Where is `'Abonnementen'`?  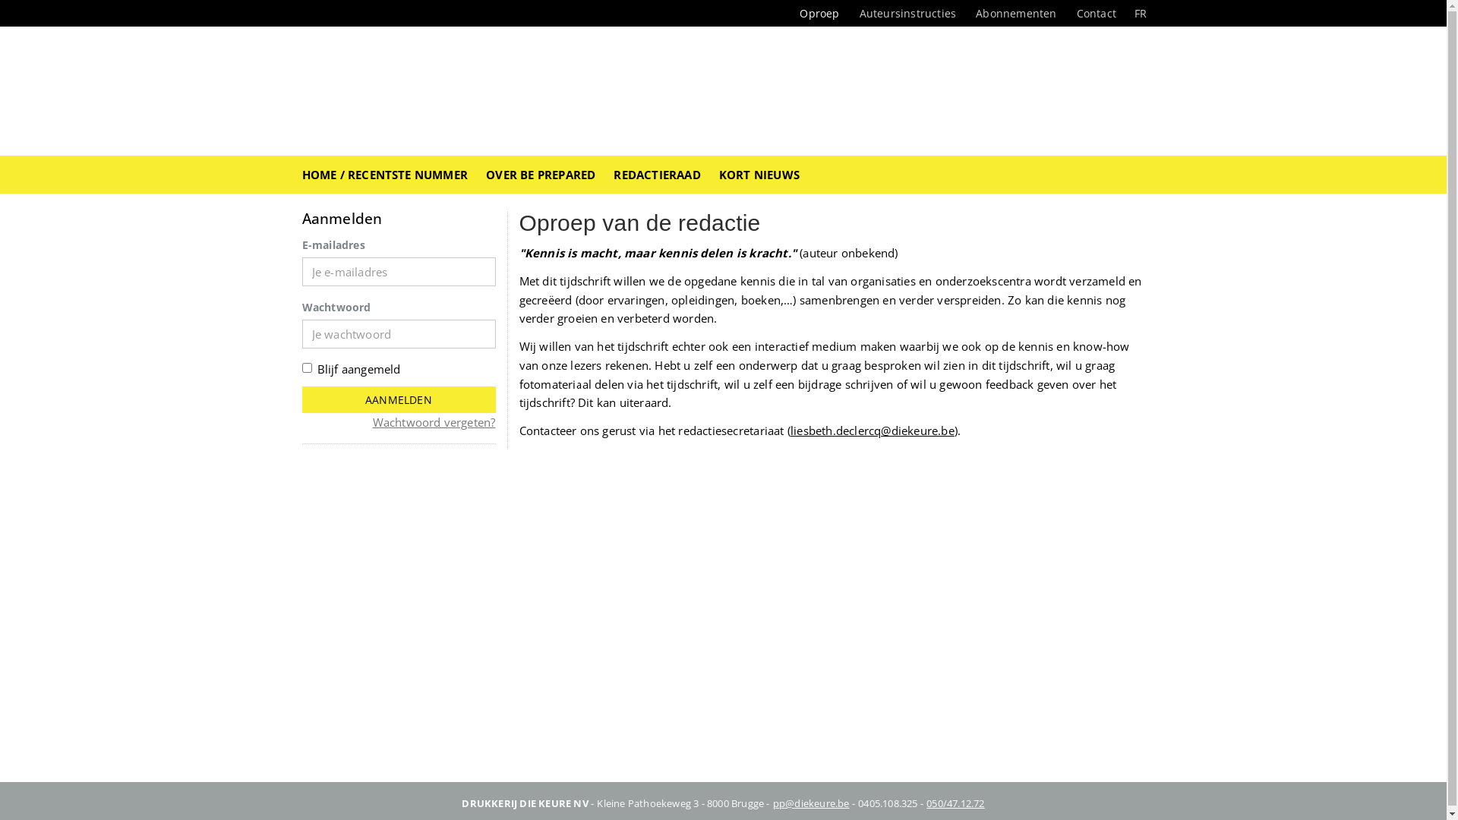 'Abonnementen' is located at coordinates (1016, 13).